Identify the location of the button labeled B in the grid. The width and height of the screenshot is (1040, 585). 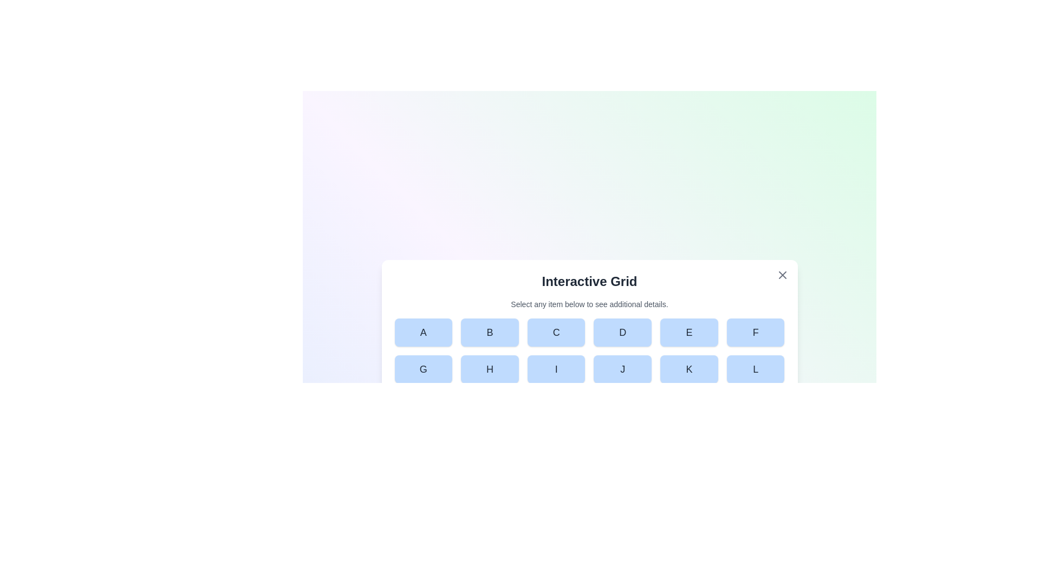
(489, 331).